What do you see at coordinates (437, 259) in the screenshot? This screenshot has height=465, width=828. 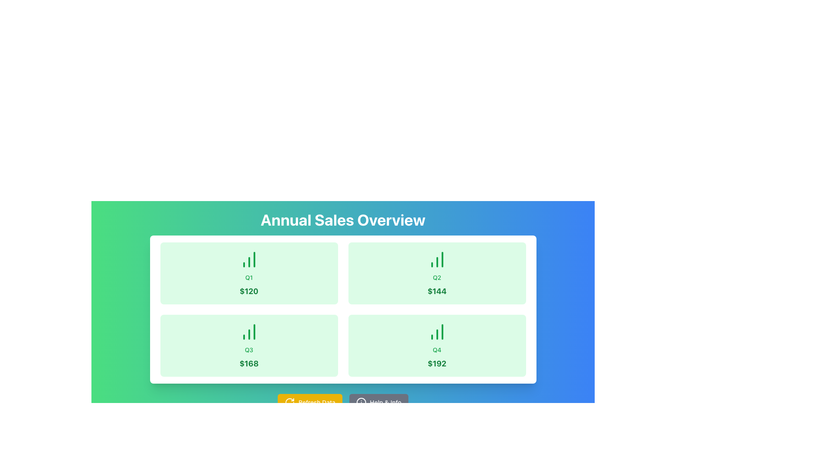 I see `the icon representing the visual data for 'Q2' and '$144'` at bounding box center [437, 259].